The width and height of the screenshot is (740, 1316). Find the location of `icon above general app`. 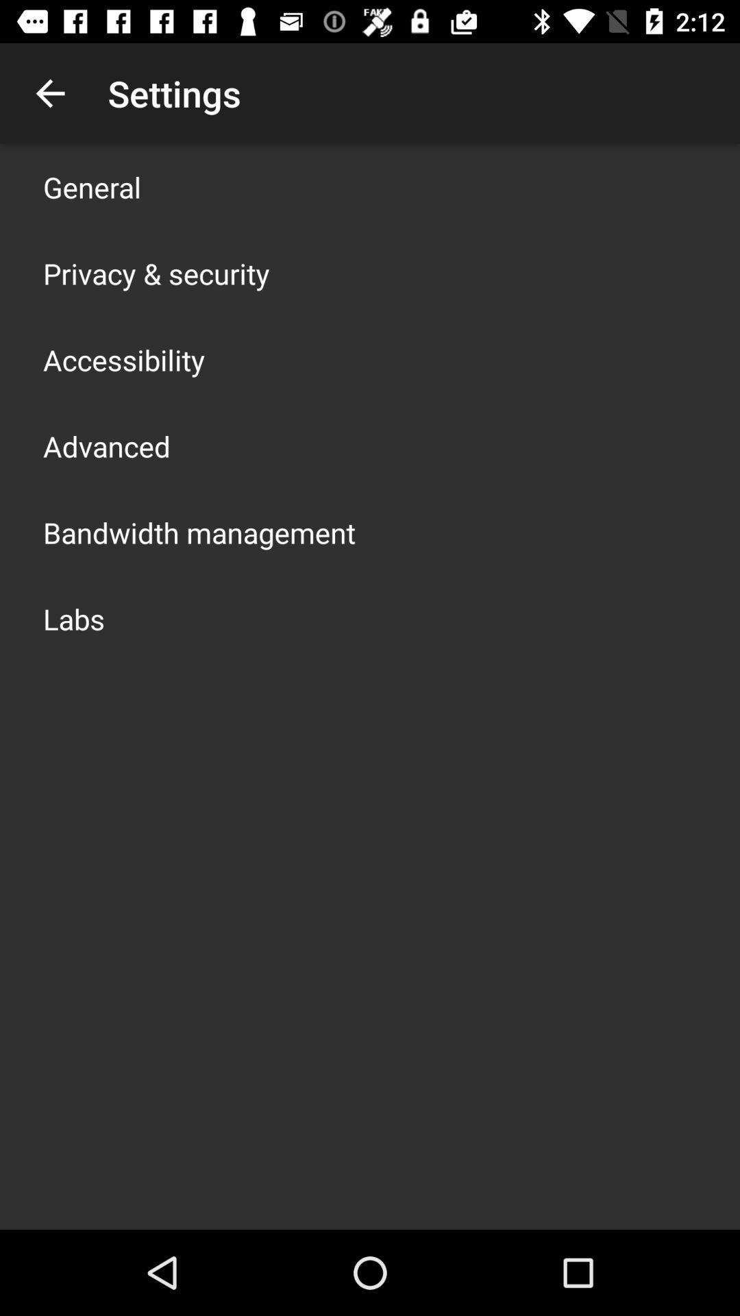

icon above general app is located at coordinates (49, 93).